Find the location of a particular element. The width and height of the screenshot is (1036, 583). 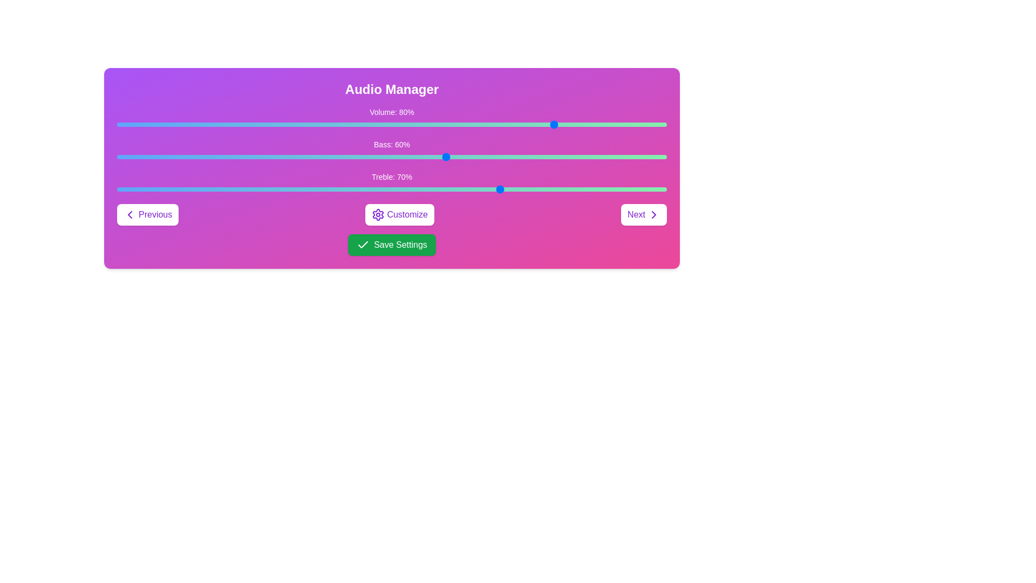

treble is located at coordinates (650, 189).